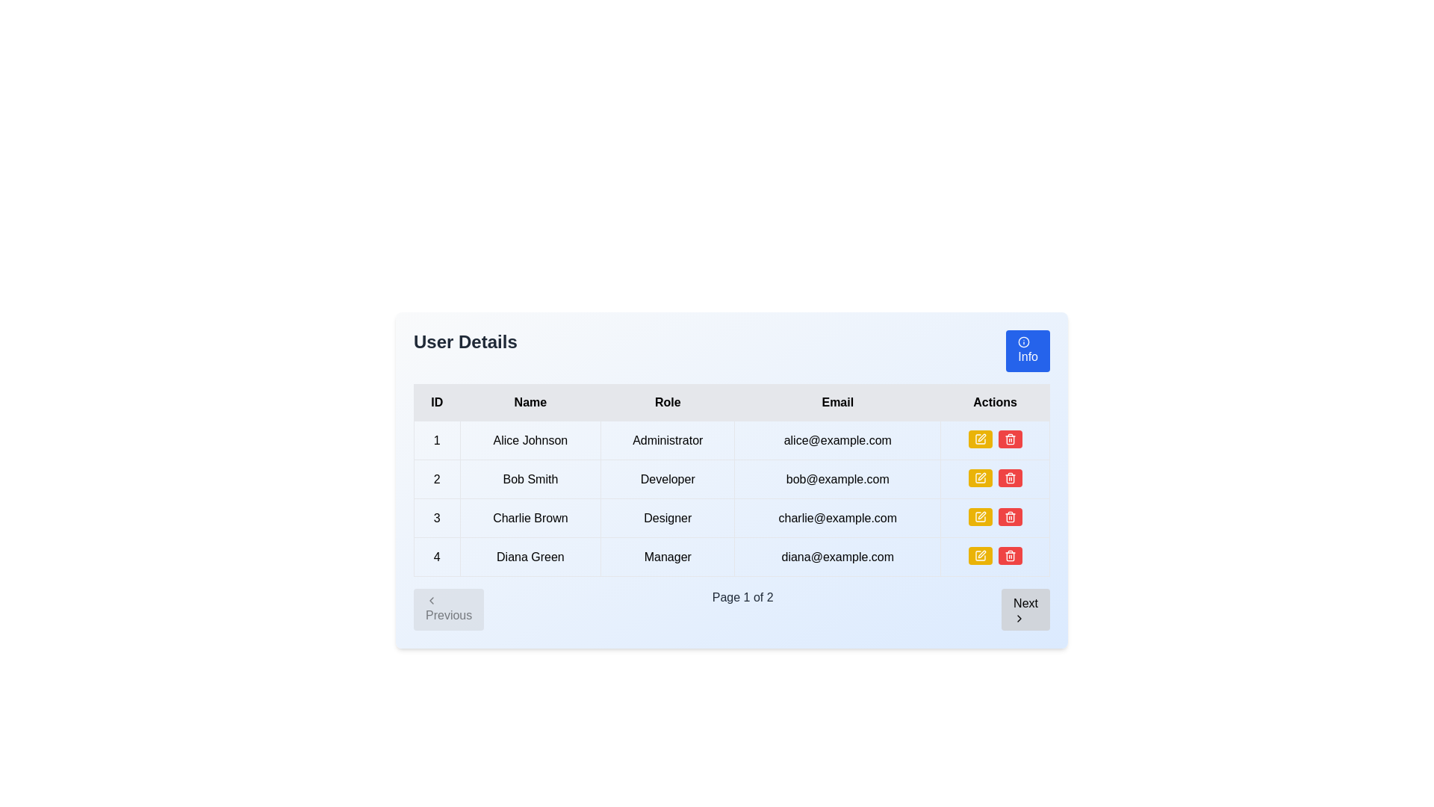  What do you see at coordinates (980, 438) in the screenshot?
I see `the 'Edit' button located in the 'Actions' column of the first row in the 'User Details' table to initiate an edit action` at bounding box center [980, 438].